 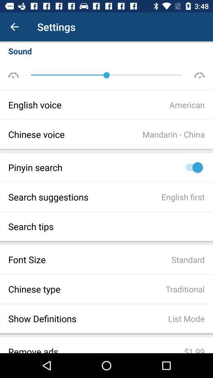 What do you see at coordinates (192, 167) in the screenshot?
I see `item to the right of the pinyin search item` at bounding box center [192, 167].